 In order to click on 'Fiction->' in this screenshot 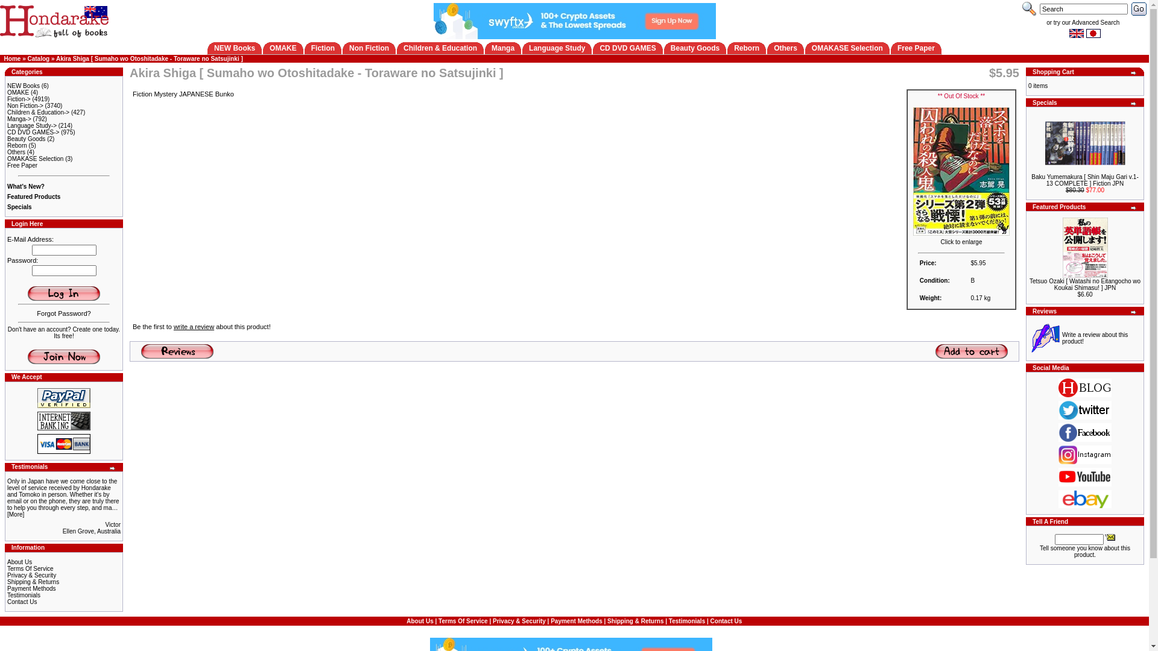, I will do `click(19, 98)`.